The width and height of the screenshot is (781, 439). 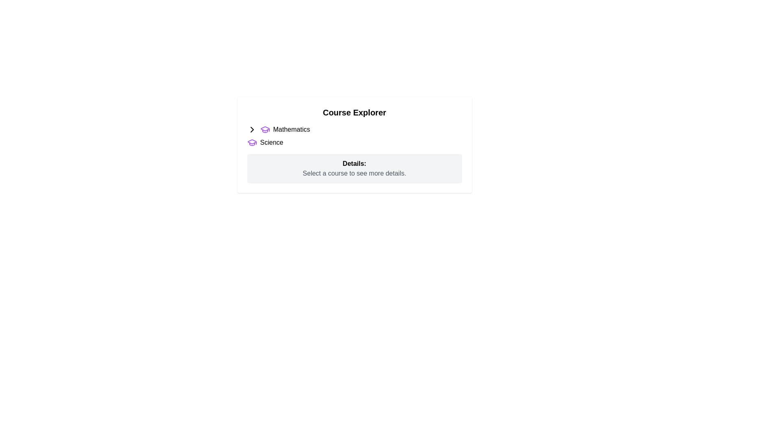 I want to click on the text label displaying 'Science', so click(x=271, y=142).